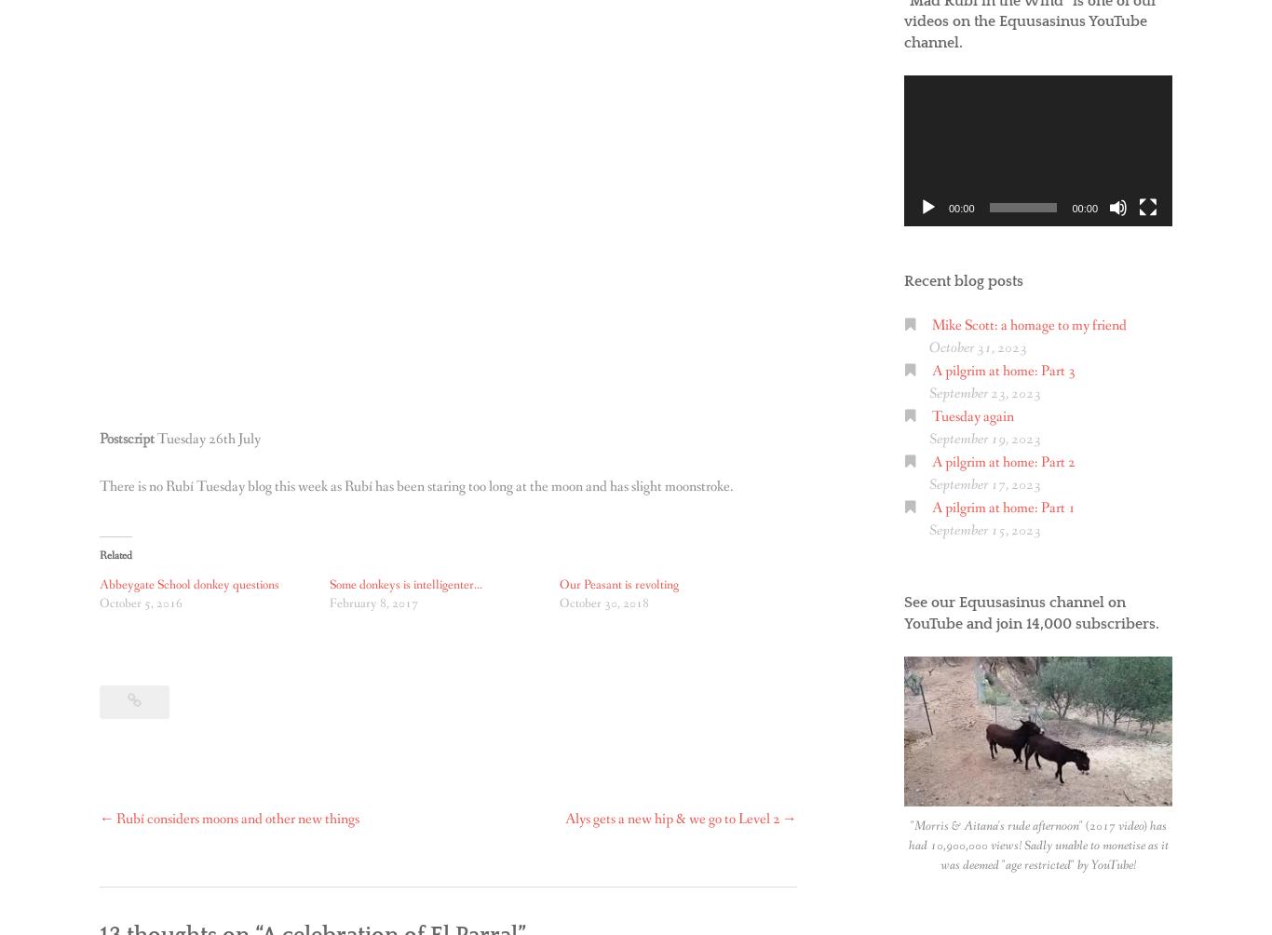  What do you see at coordinates (1028, 325) in the screenshot?
I see `'Mike Scott: a homage to my friend'` at bounding box center [1028, 325].